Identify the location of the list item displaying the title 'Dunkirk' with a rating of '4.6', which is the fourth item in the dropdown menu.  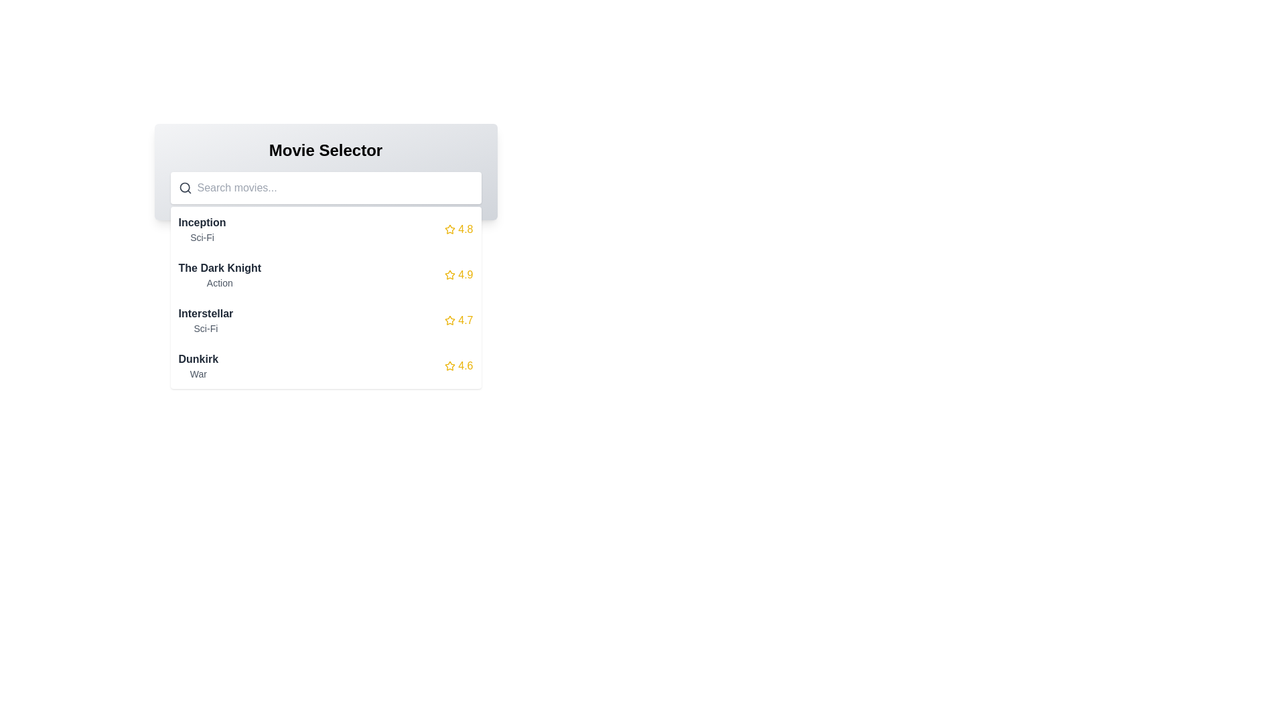
(326, 366).